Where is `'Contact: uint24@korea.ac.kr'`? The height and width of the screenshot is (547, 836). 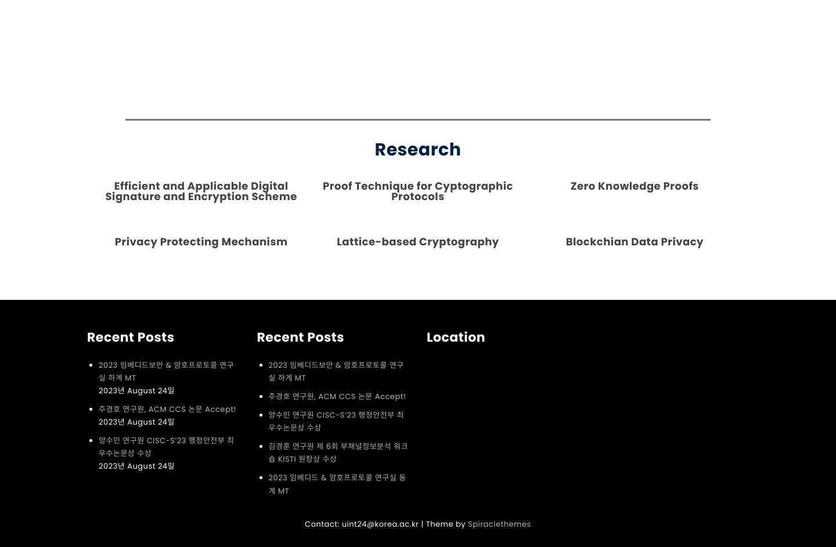 'Contact: uint24@korea.ac.kr' is located at coordinates (361, 523).